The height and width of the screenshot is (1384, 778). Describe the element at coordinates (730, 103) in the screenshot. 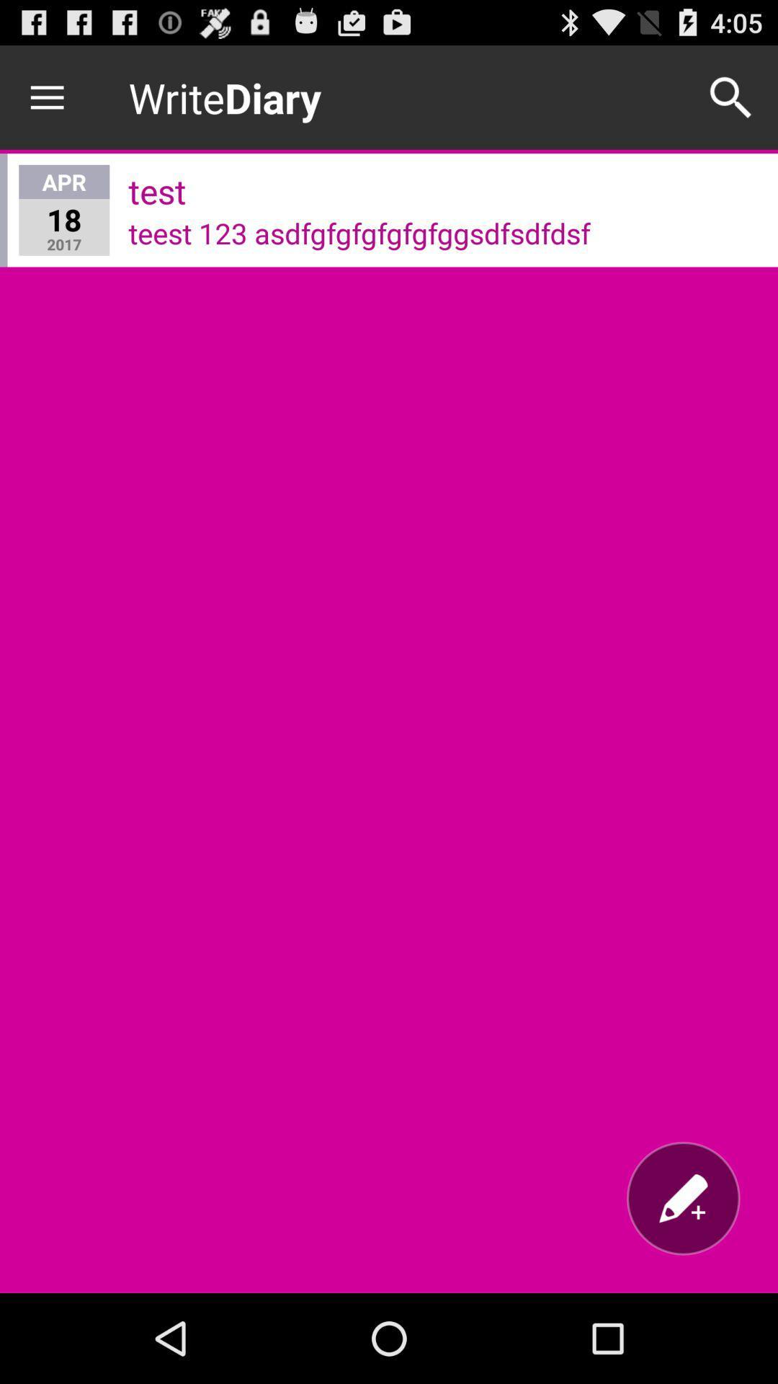

I see `the search icon` at that location.